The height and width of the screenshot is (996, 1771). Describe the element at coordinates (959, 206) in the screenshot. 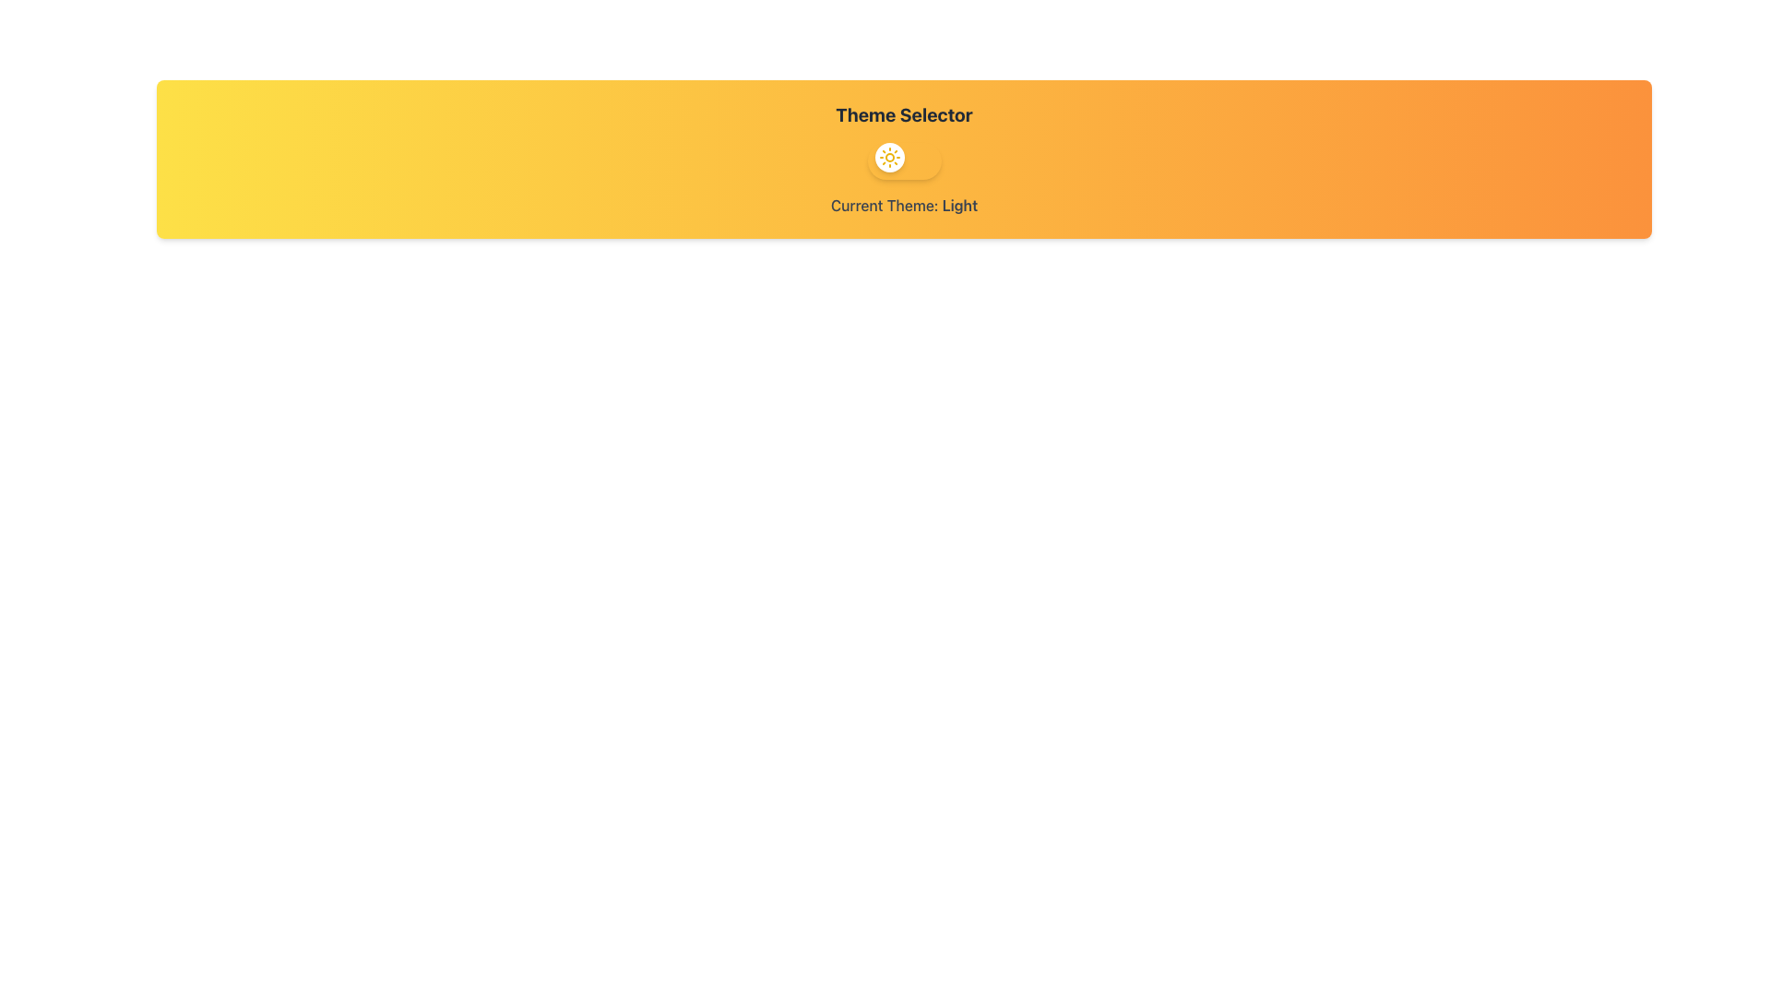

I see `the text element 'Light', which is styled with a bold or semibold font weight and is presented in grayish-black color against a light yellow-to-orange gradient background, located in the center of the theme selector interface under the label 'Current Theme:'` at that location.